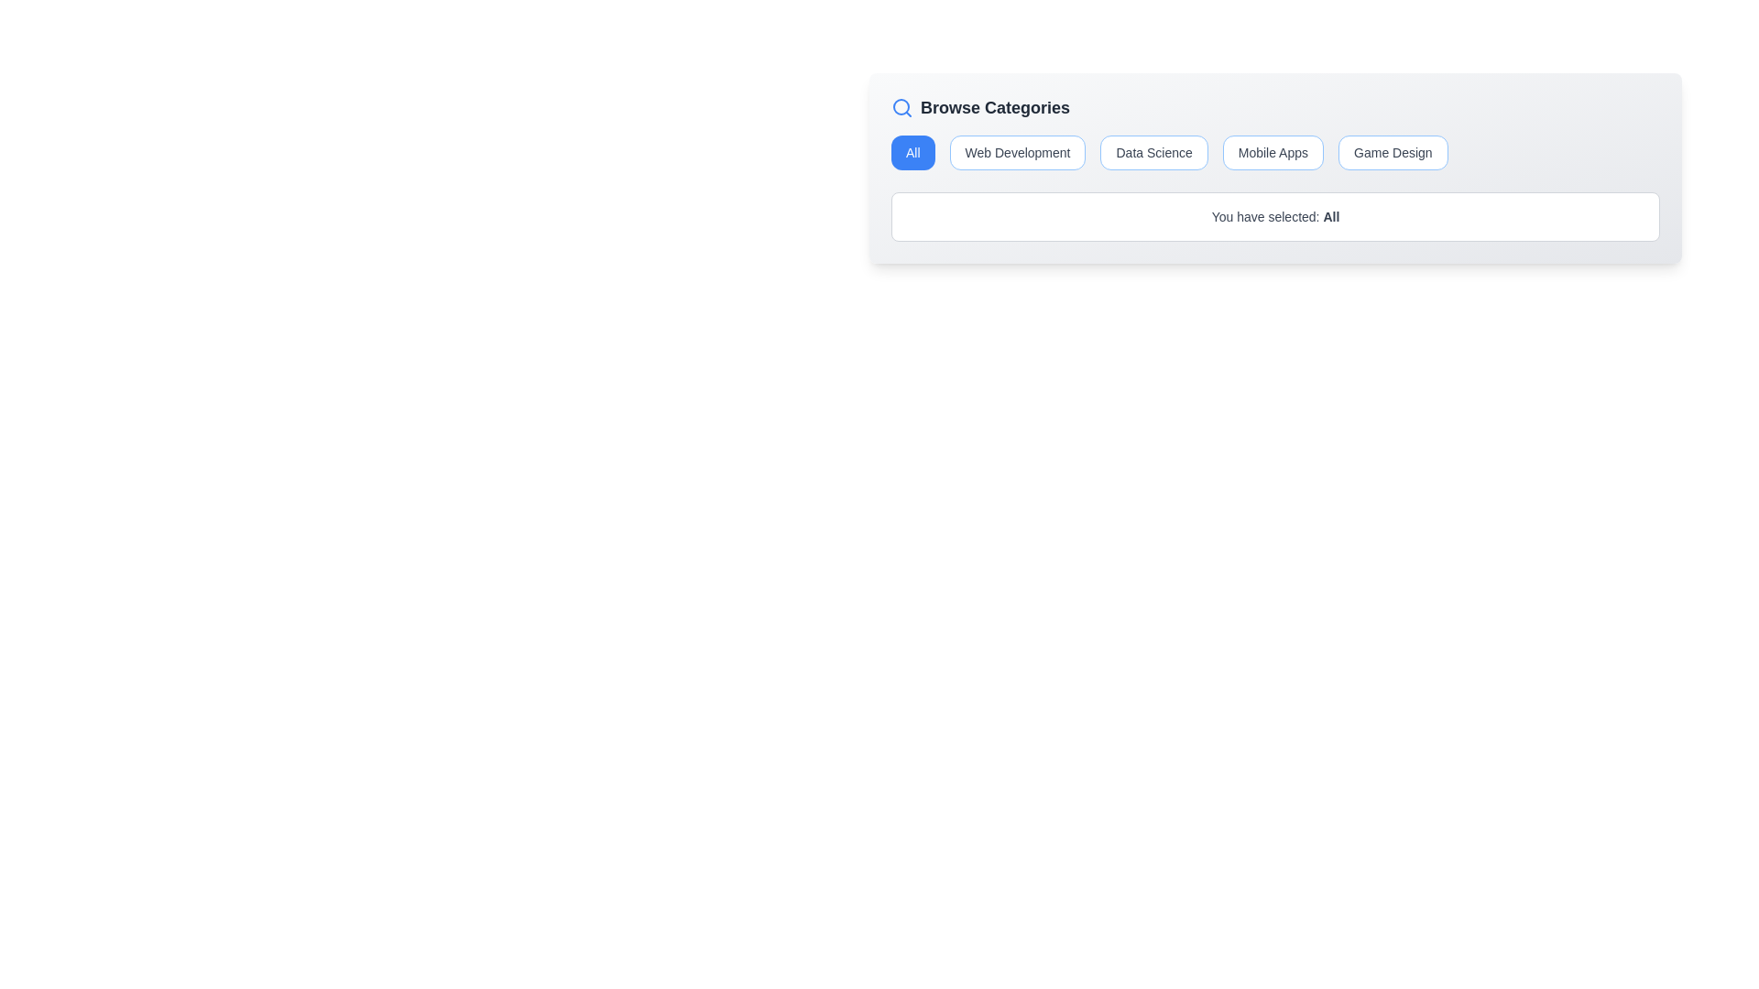 Image resolution: width=1759 pixels, height=989 pixels. I want to click on the 'Data Science' button, which is a rectangular button with rounded corners, white background, blue border, and gray text, to filter by 'Data Science', so click(1153, 151).